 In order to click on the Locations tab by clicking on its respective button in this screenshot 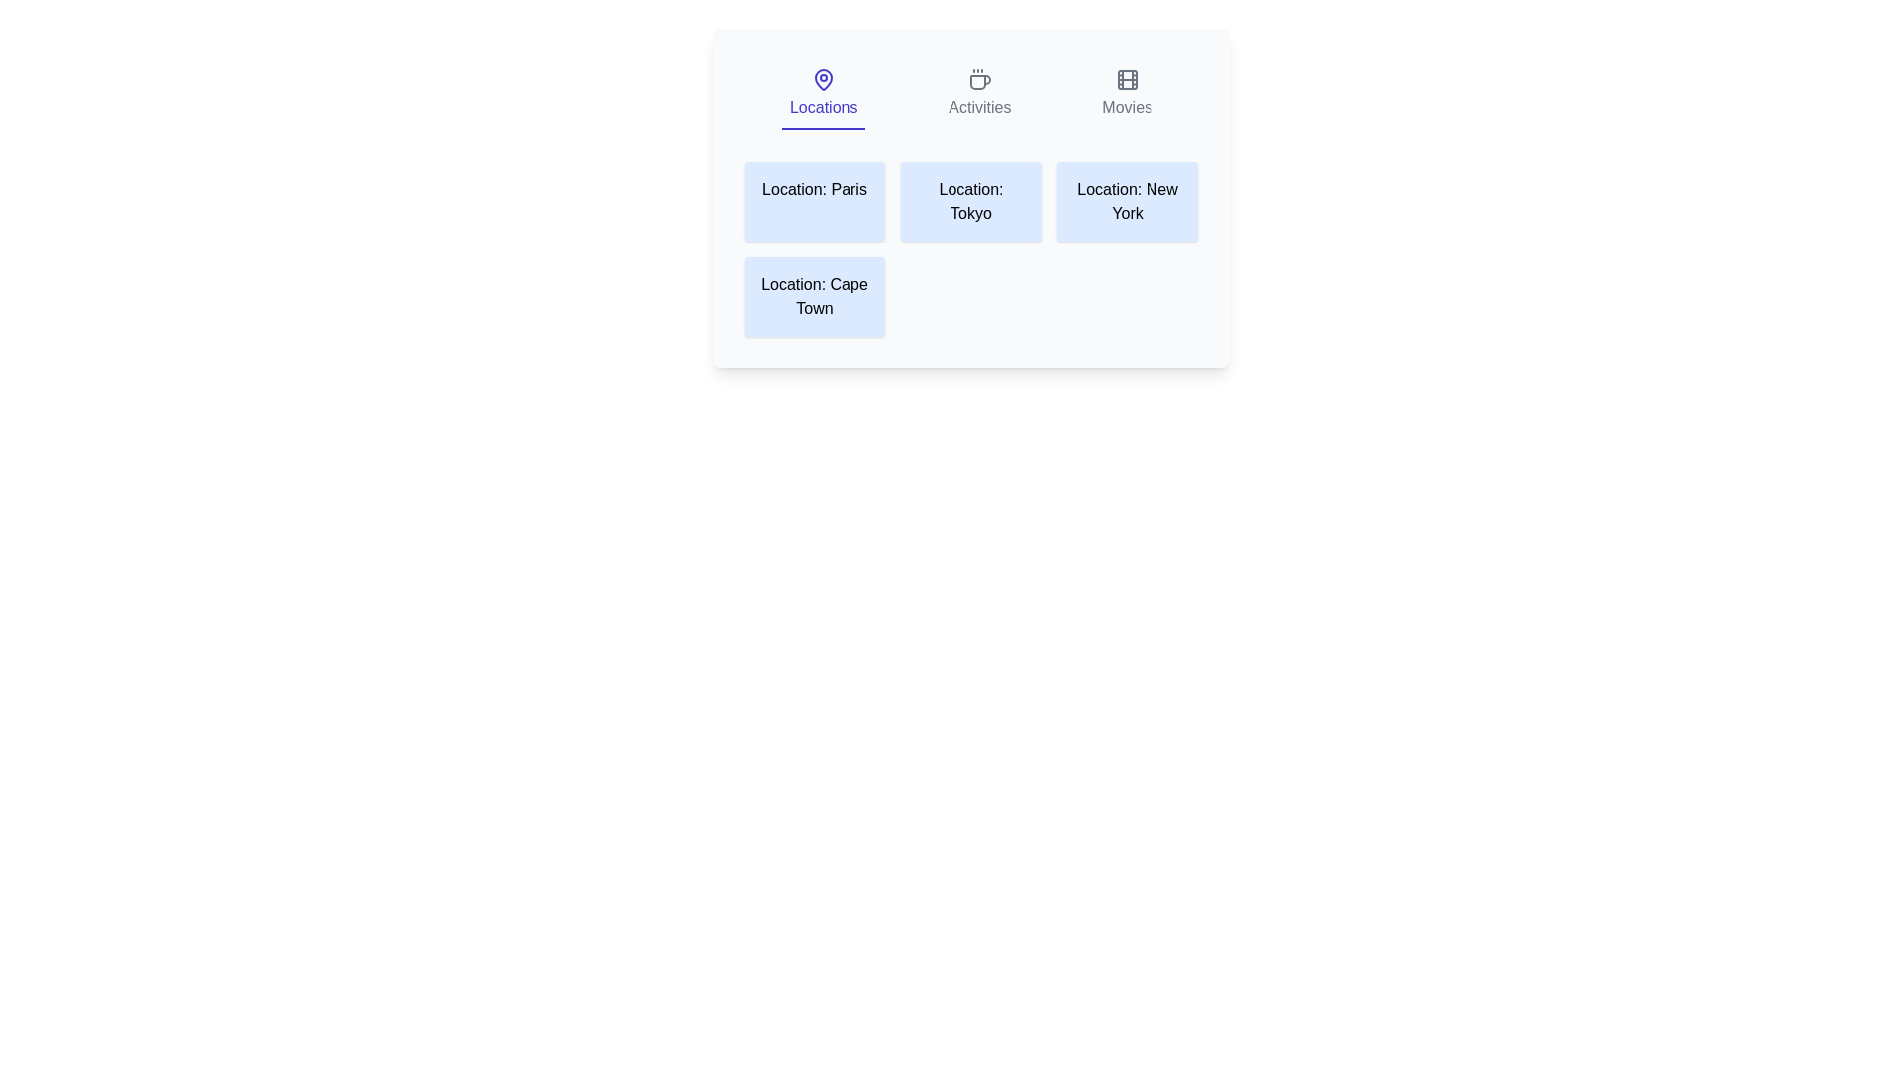, I will do `click(824, 95)`.